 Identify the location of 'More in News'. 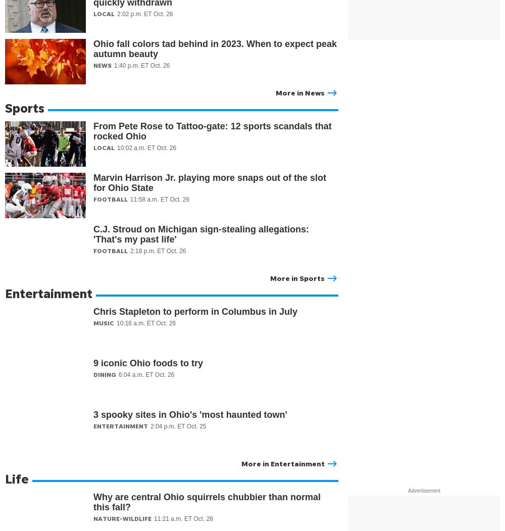
(299, 92).